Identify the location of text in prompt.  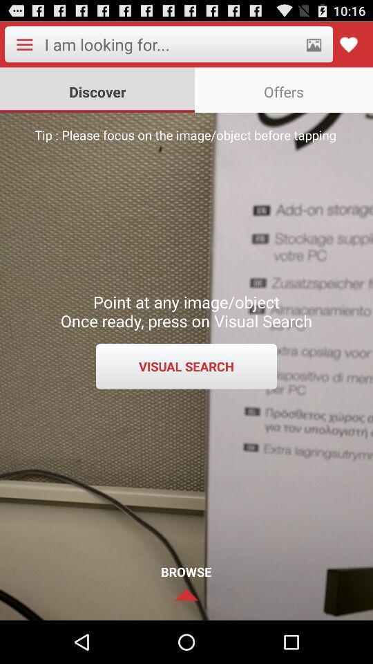
(171, 44).